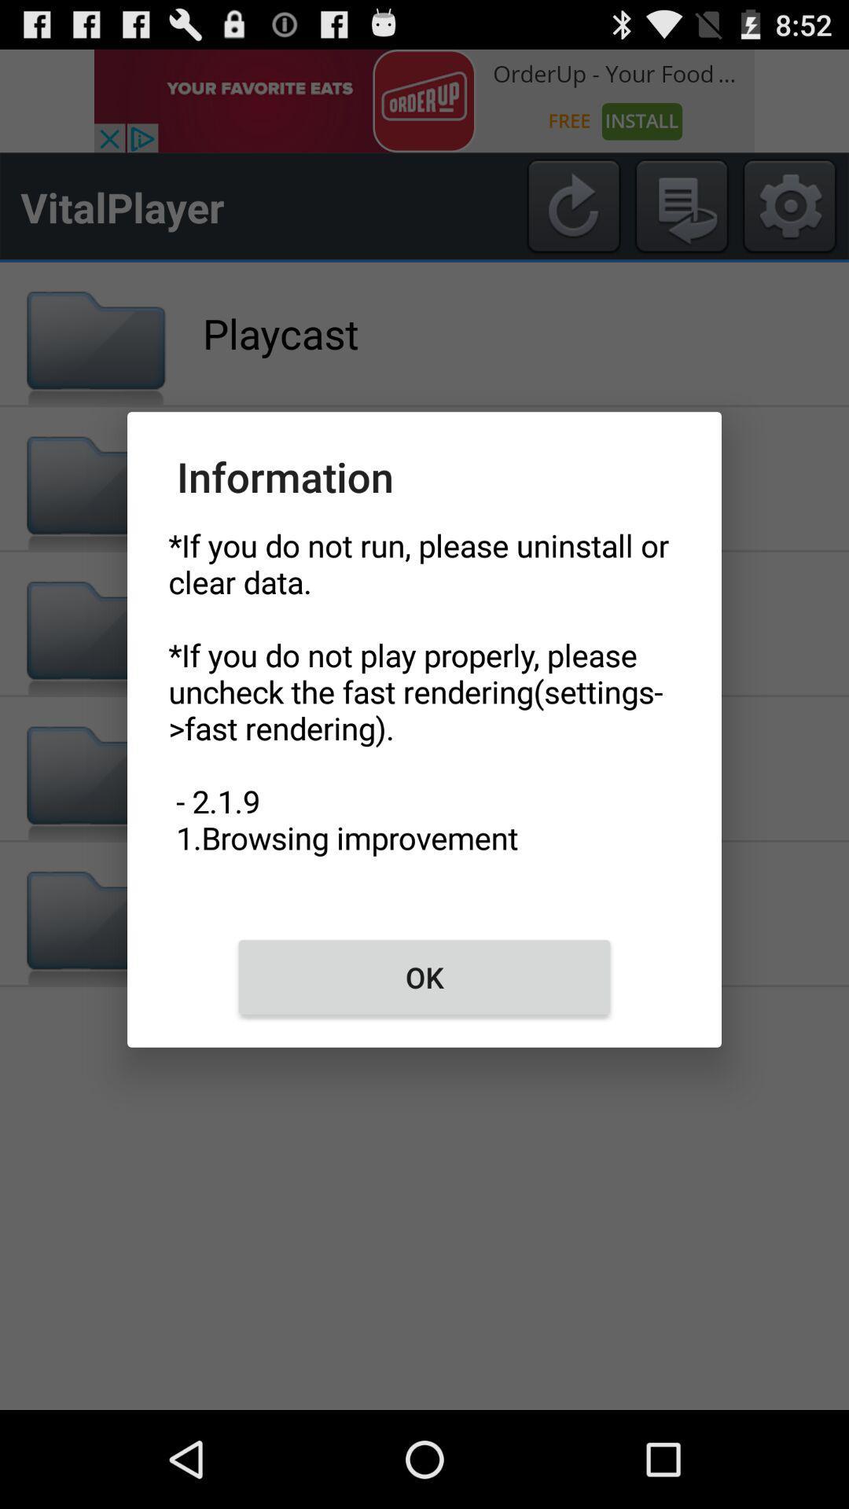 This screenshot has width=849, height=1509. What do you see at coordinates (424, 976) in the screenshot?
I see `the ok icon` at bounding box center [424, 976].